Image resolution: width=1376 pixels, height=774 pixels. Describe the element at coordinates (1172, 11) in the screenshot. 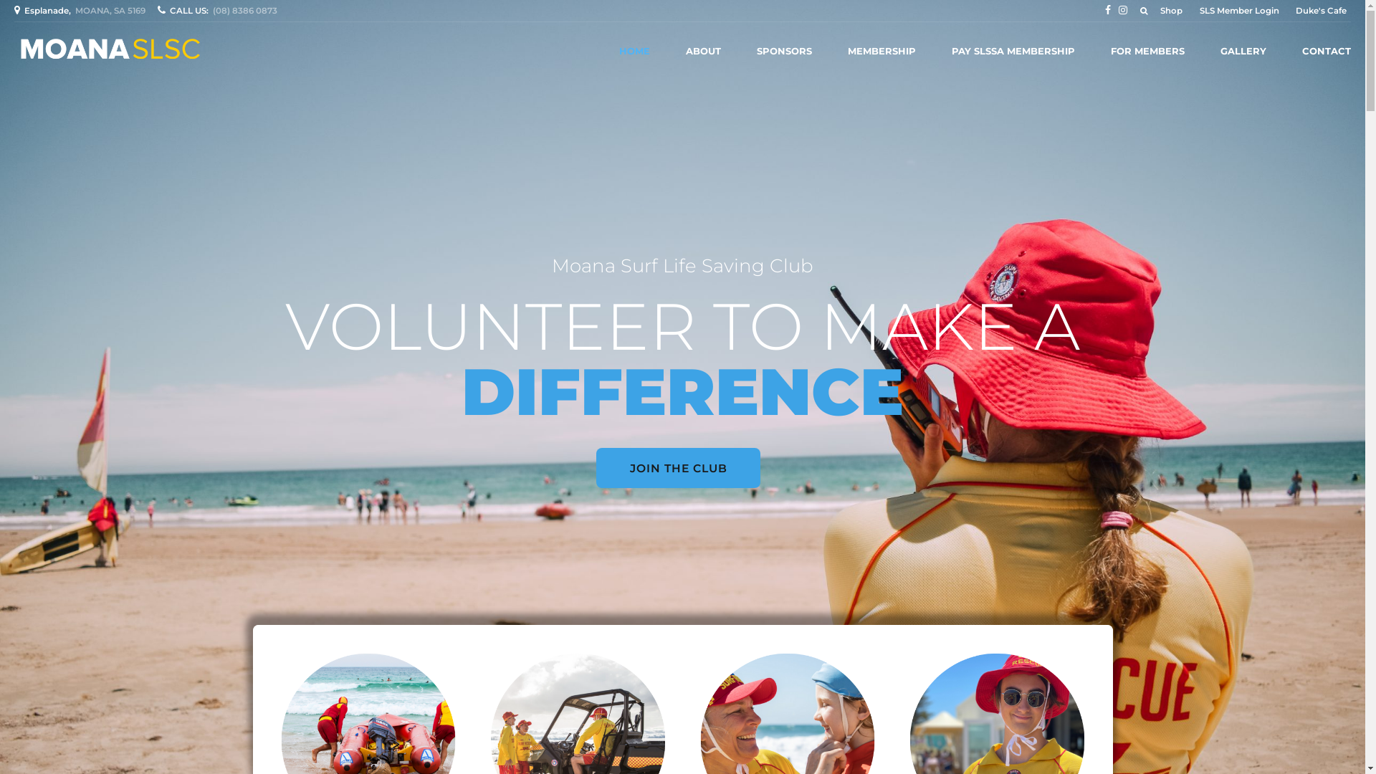

I see `'Shop'` at that location.